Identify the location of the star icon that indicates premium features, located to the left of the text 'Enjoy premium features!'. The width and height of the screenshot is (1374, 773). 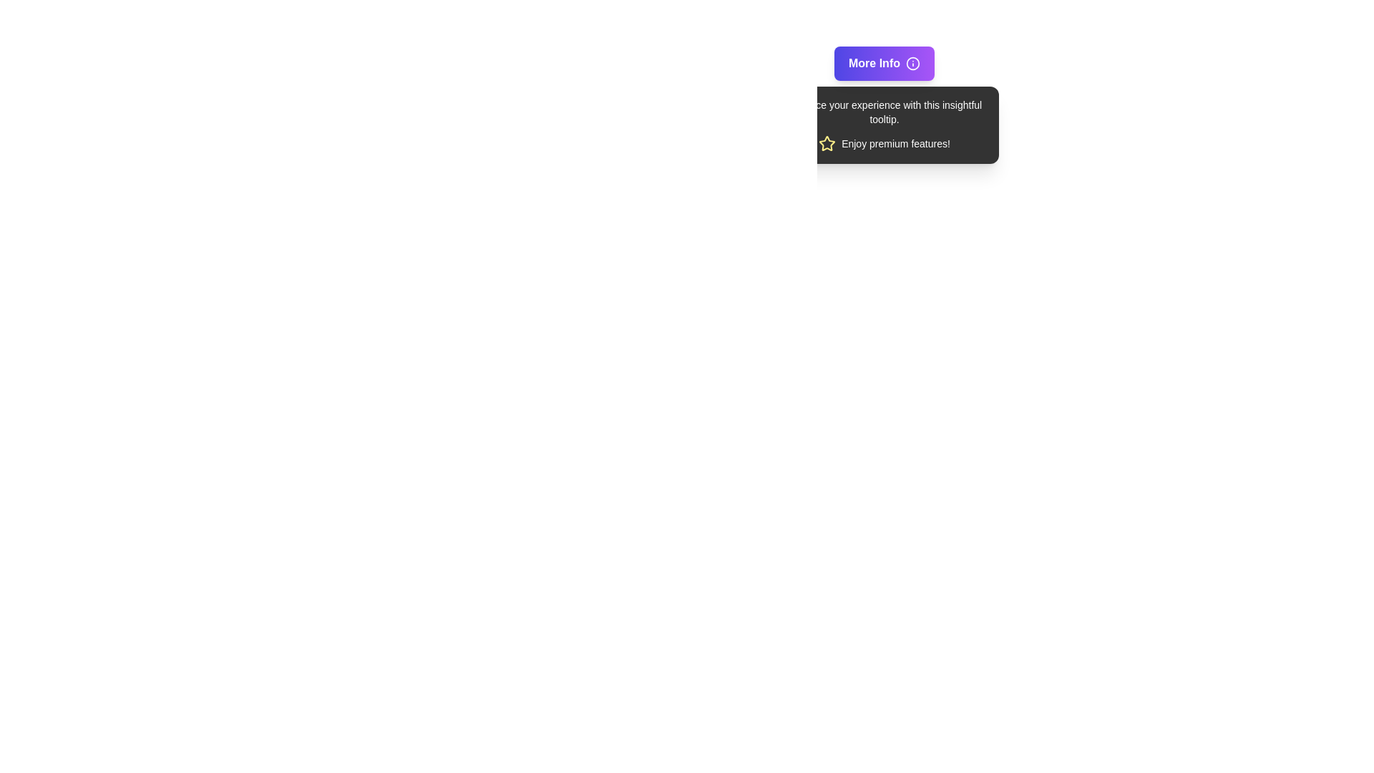
(827, 143).